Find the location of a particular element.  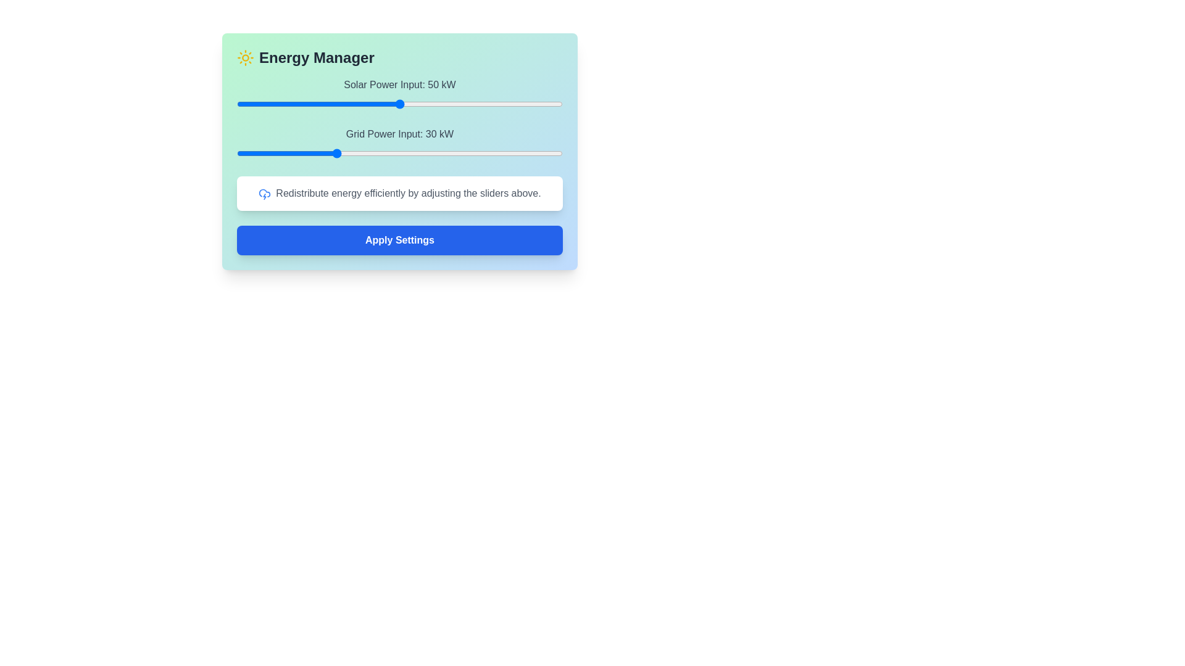

the Solar Power Input slider to 0 kW is located at coordinates (237, 104).